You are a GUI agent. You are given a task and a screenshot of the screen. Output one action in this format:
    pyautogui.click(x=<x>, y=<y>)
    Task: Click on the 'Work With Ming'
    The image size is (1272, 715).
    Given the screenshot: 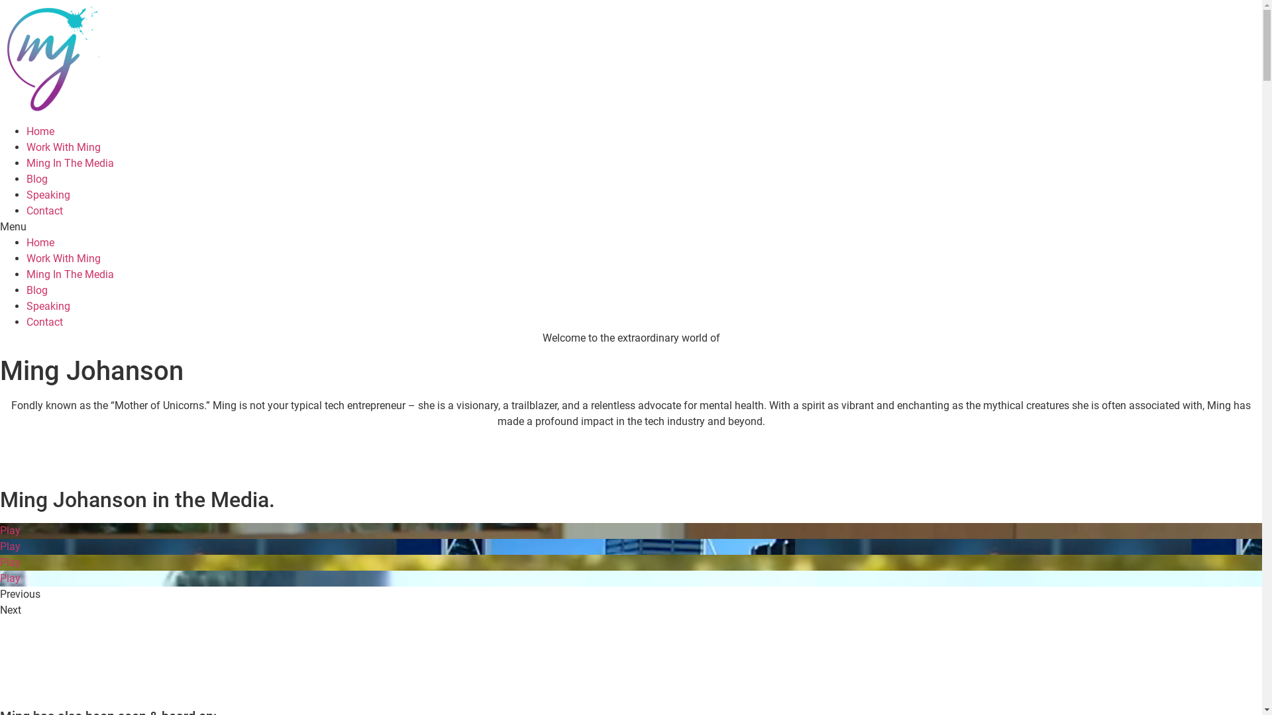 What is the action you would take?
    pyautogui.click(x=63, y=258)
    